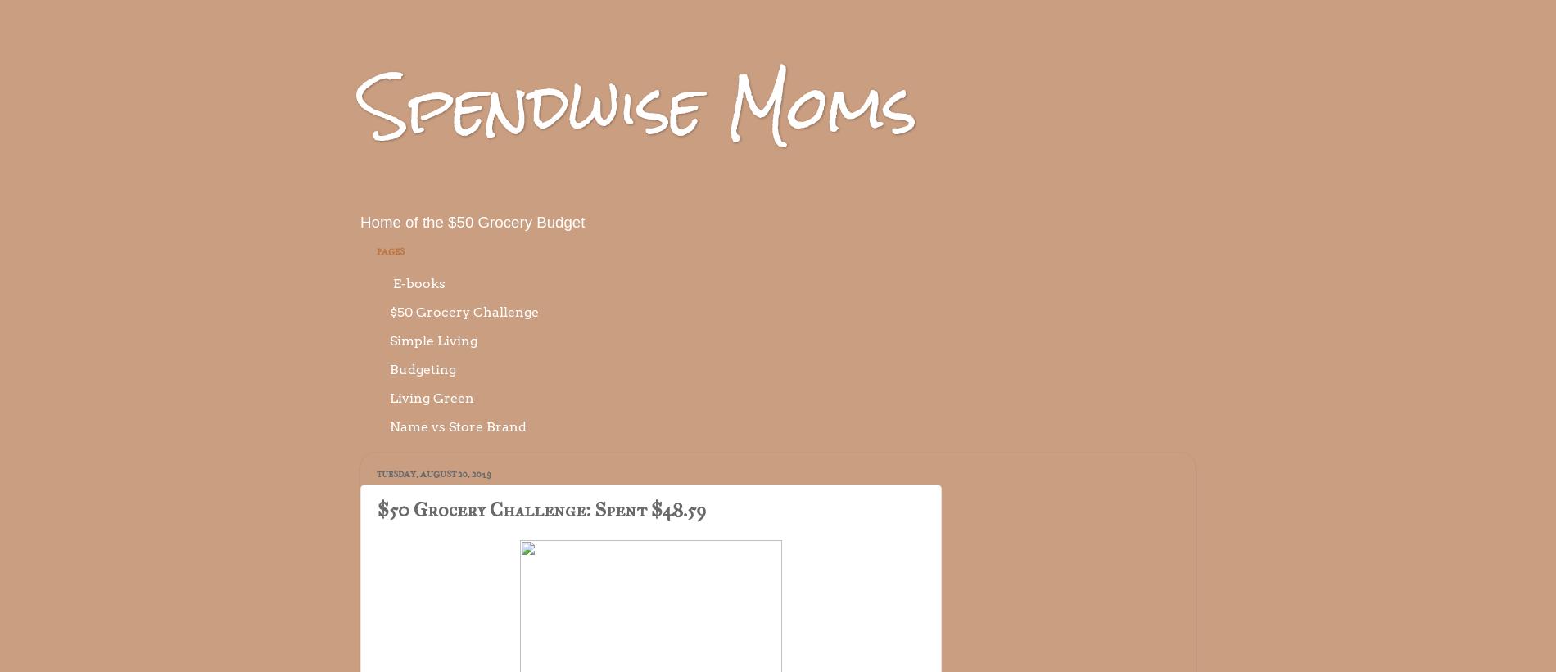 The height and width of the screenshot is (672, 1556). I want to click on 'Name vs Store Brand', so click(458, 426).